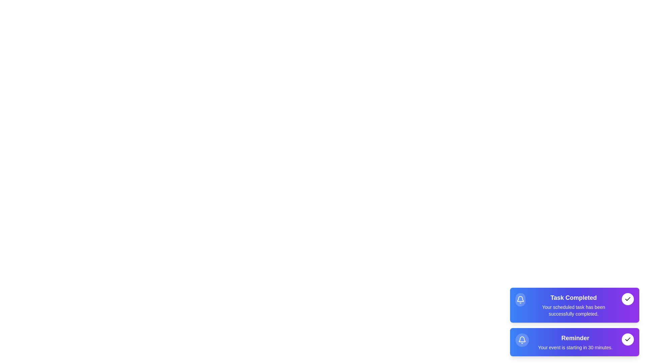 The height and width of the screenshot is (363, 646). I want to click on the notification text for Reminder, so click(575, 342).